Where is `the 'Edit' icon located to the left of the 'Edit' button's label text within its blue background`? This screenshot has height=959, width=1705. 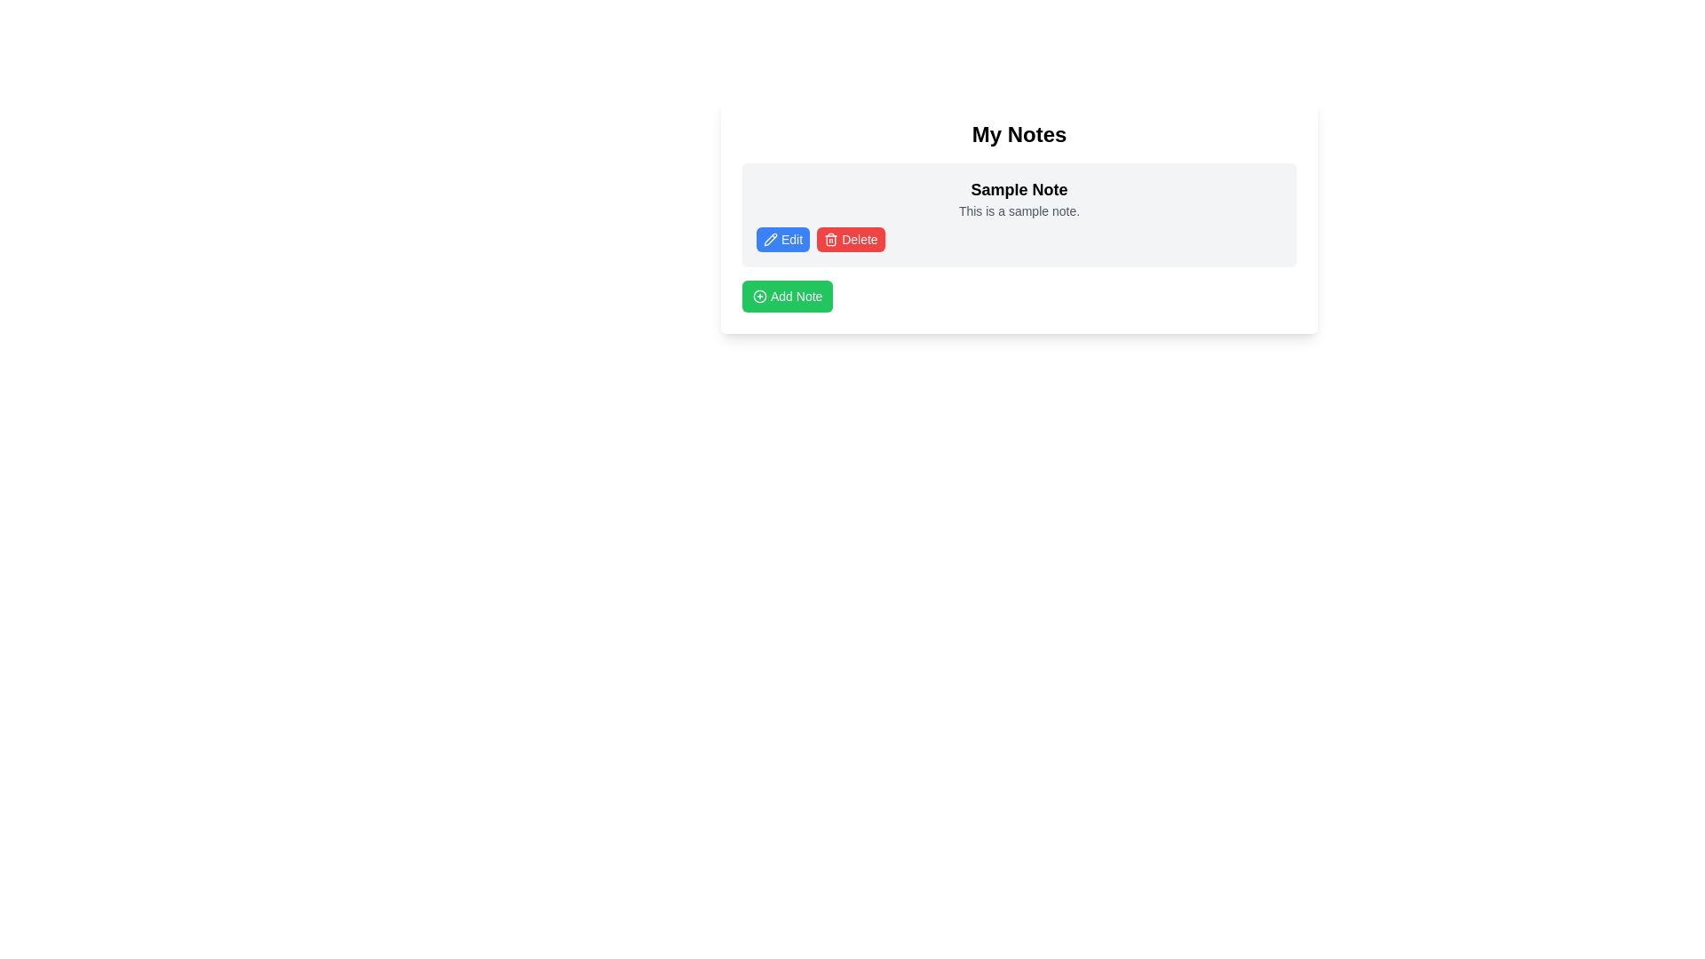
the 'Edit' icon located to the left of the 'Edit' button's label text within its blue background is located at coordinates (771, 240).